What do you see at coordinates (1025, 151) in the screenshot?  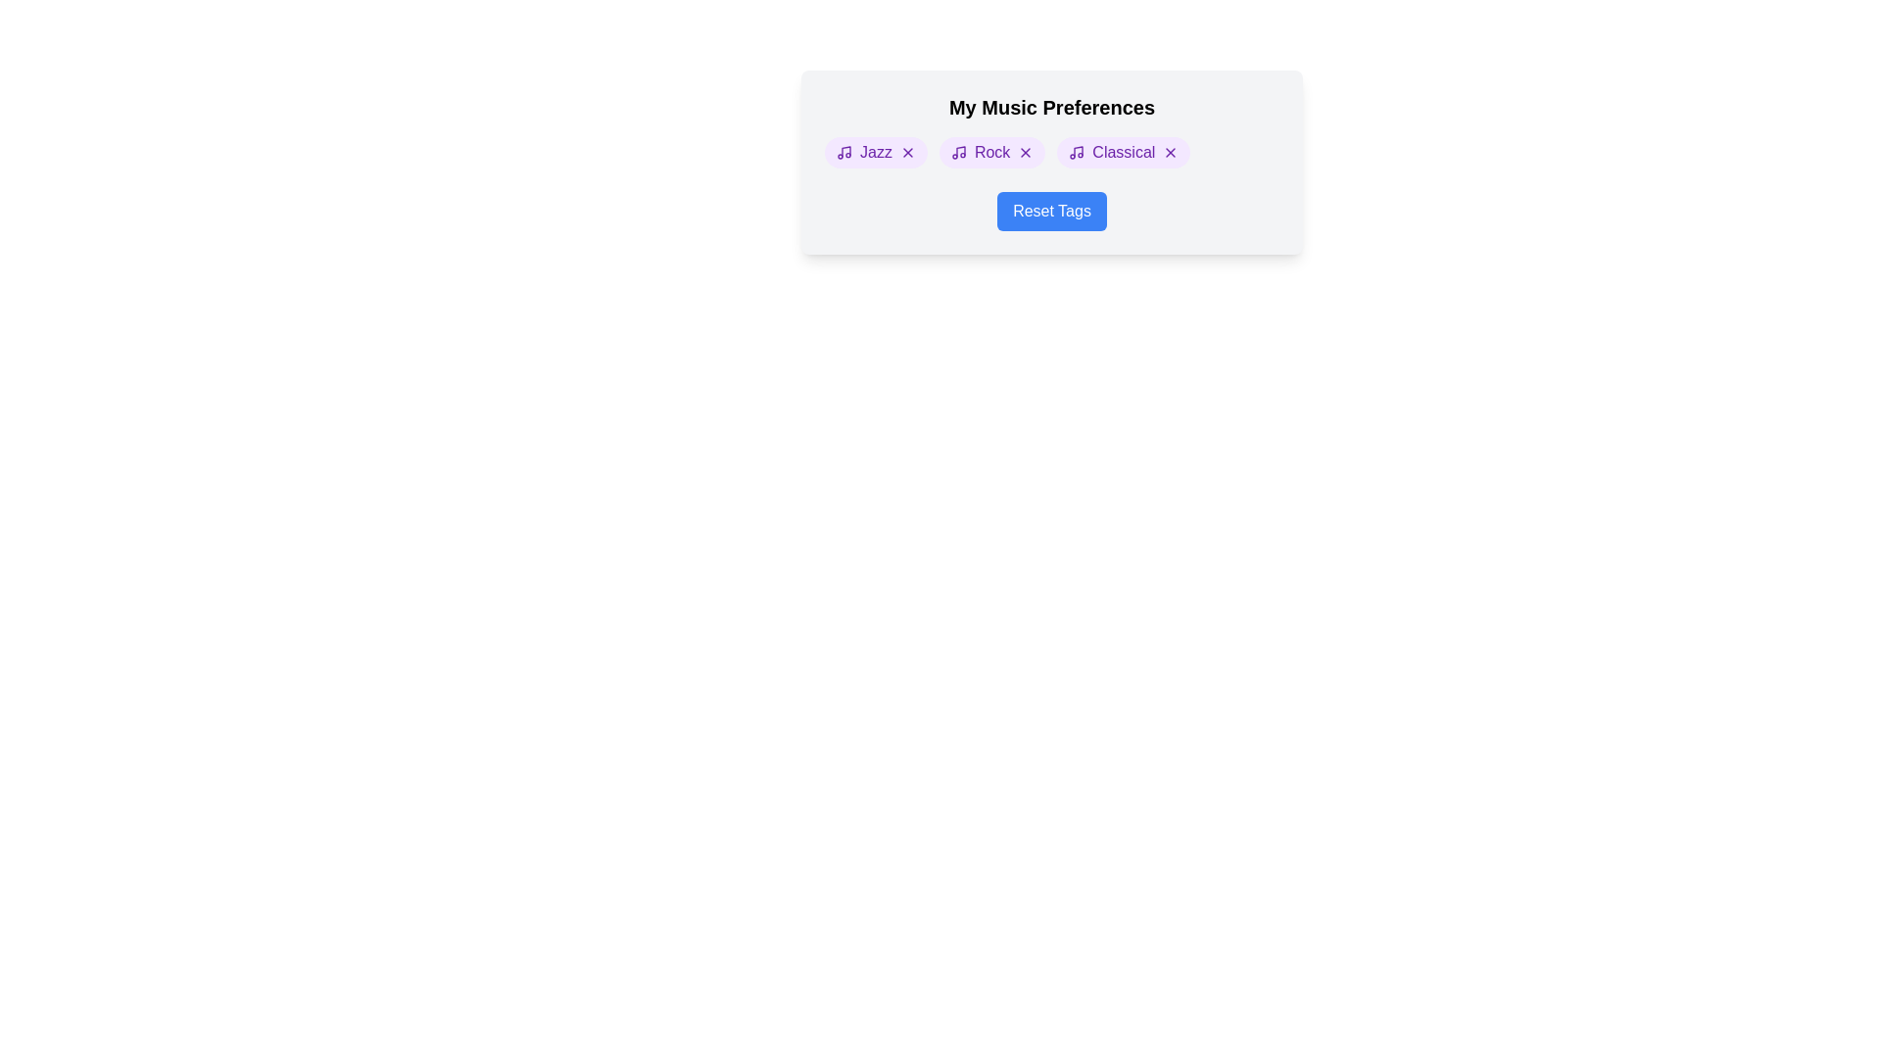 I see `the remove button for the tag Rock to delete it` at bounding box center [1025, 151].